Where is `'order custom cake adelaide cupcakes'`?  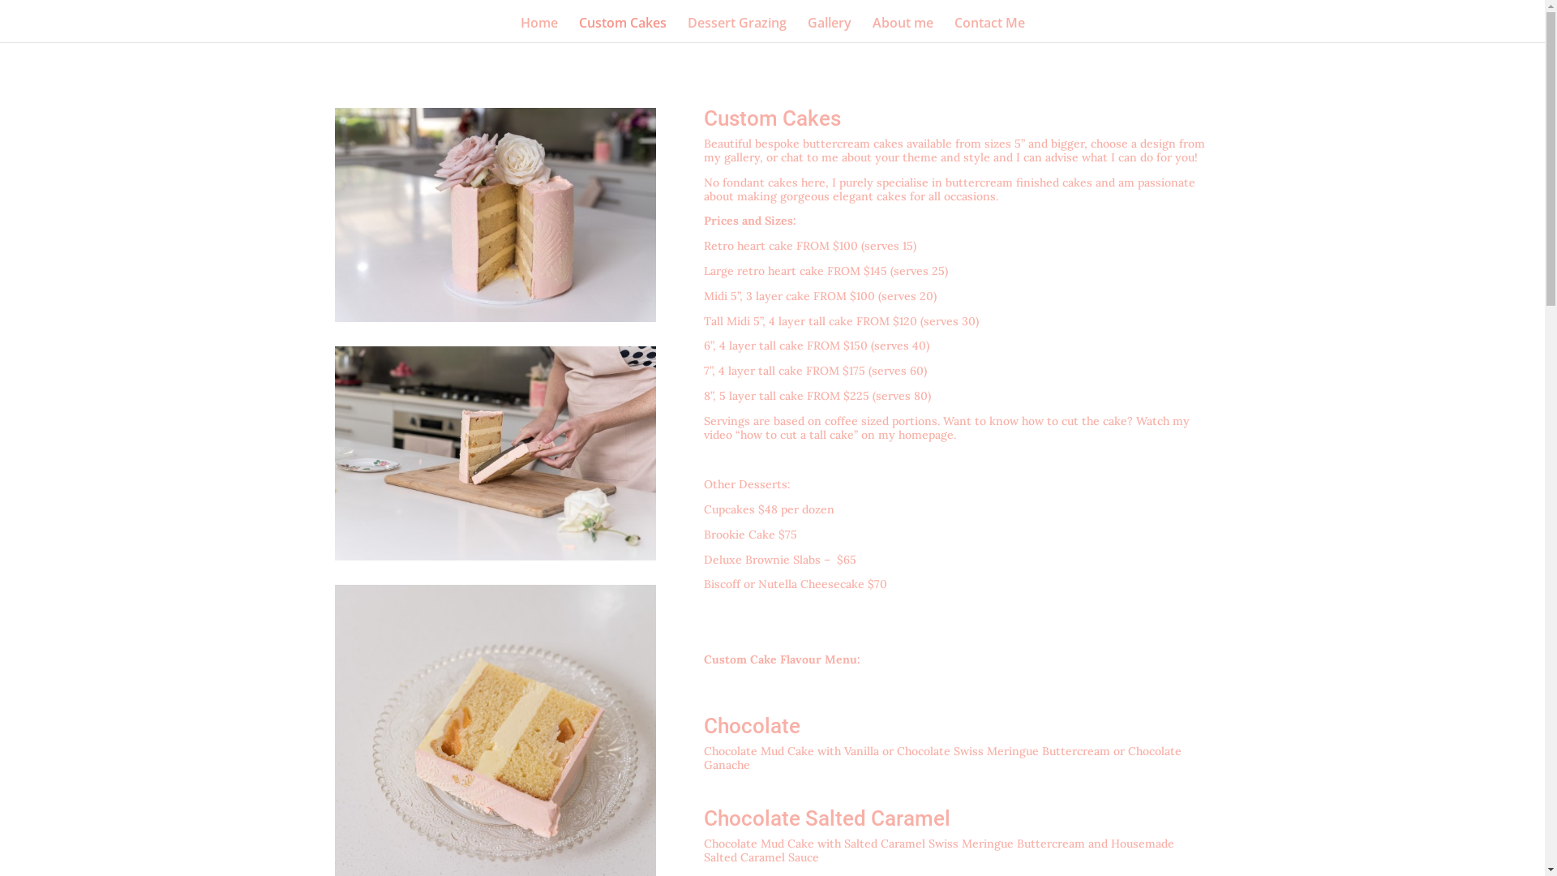
'order custom cake adelaide cupcakes' is located at coordinates (493, 214).